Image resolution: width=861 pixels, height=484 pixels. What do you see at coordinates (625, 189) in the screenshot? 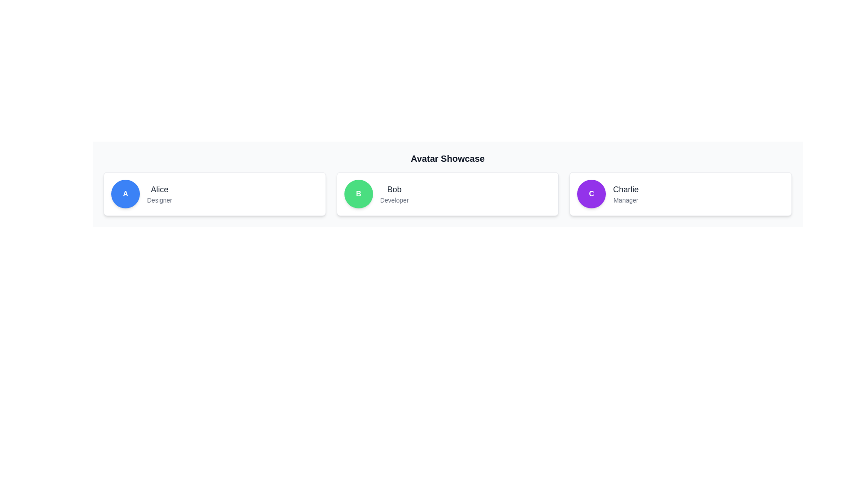
I see `the text label displaying a person's name, located in the rightmost card of a row of three cards, above the smaller text 'Manager' and adjacent to a purple circular avatar with the letter 'C'` at bounding box center [625, 189].